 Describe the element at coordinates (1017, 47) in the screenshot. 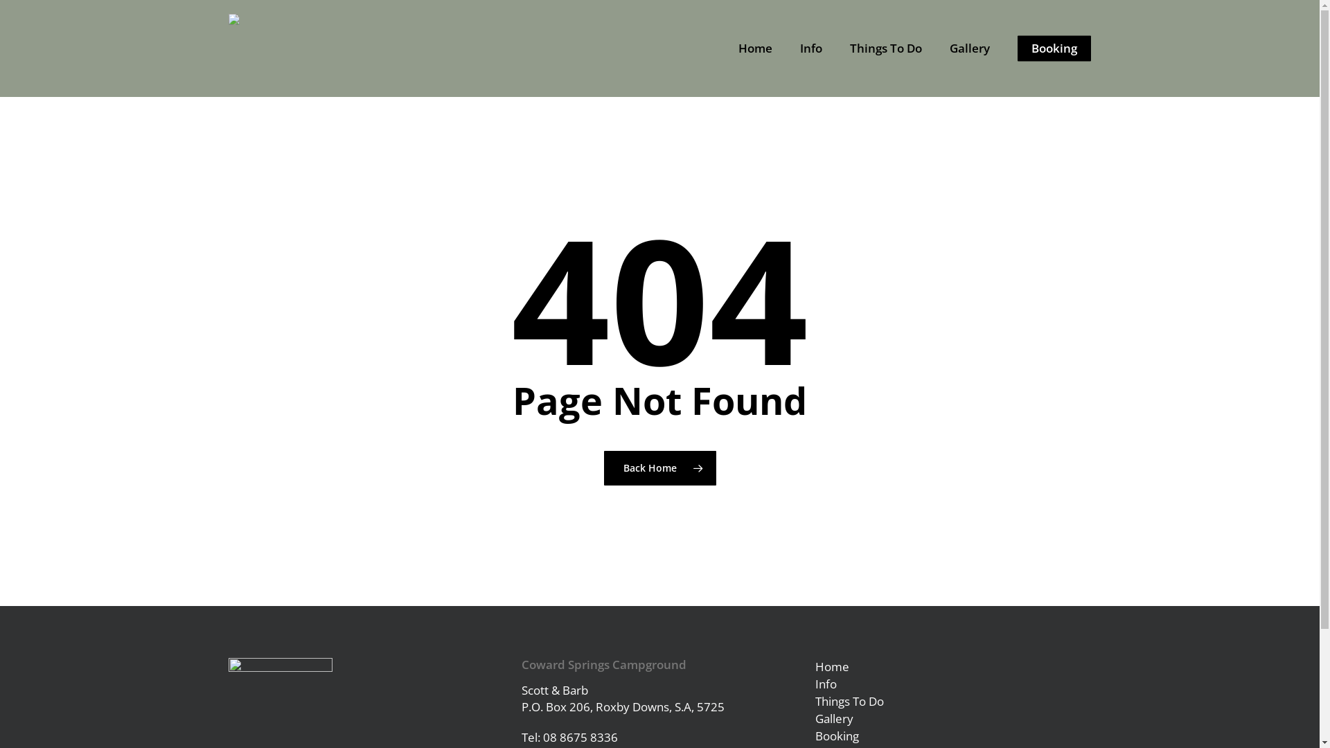

I see `'Booking'` at that location.